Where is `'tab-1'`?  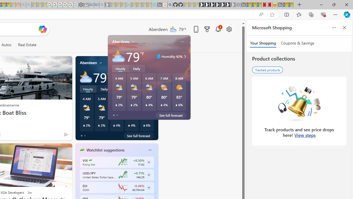
'tab-1' is located at coordinates (84, 136).